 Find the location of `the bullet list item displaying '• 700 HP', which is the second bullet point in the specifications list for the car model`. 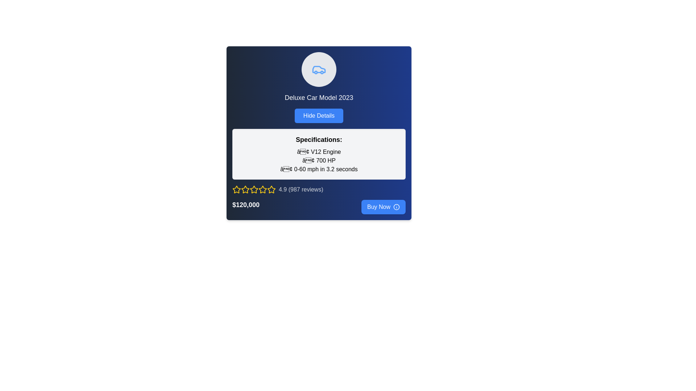

the bullet list item displaying '• 700 HP', which is the second bullet point in the specifications list for the car model is located at coordinates (319, 160).